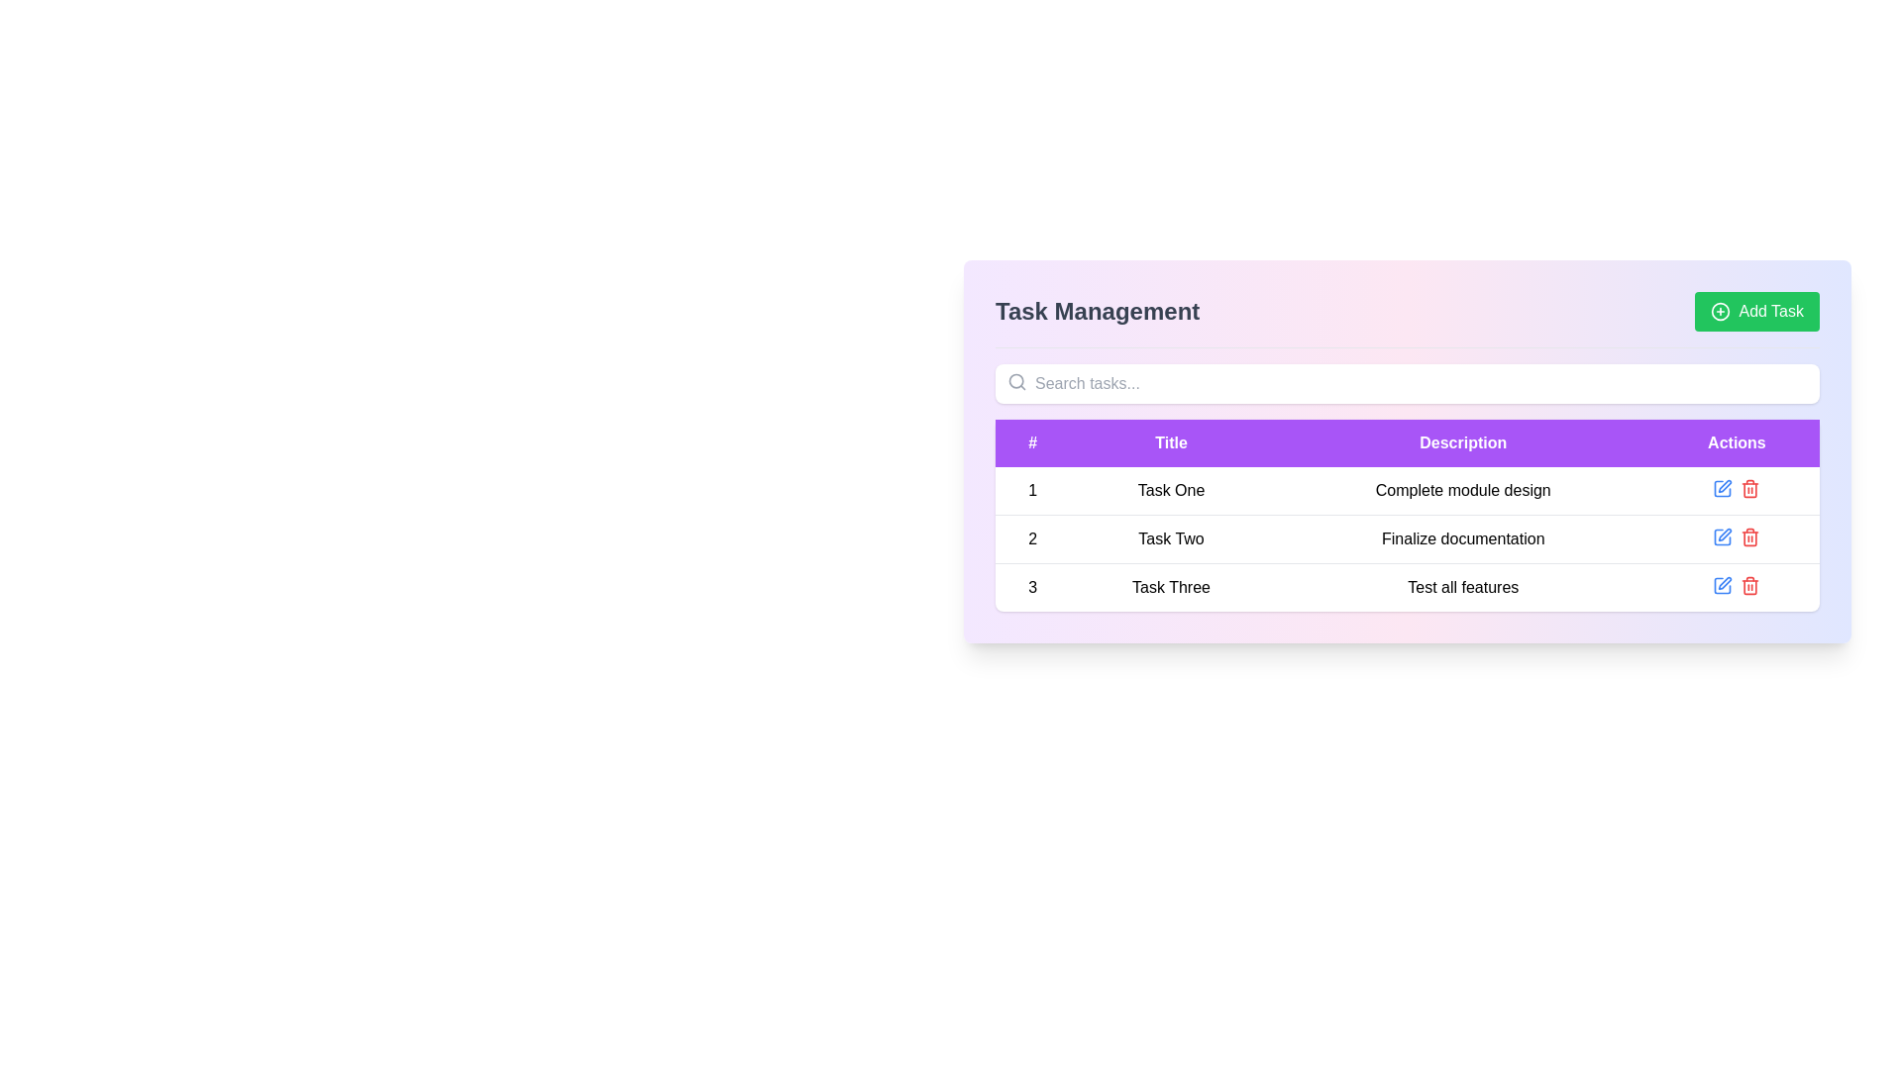 This screenshot has width=1902, height=1069. Describe the element at coordinates (1725, 582) in the screenshot. I see `the edit button located in the 'Actions' column of the last row in the task table` at that location.